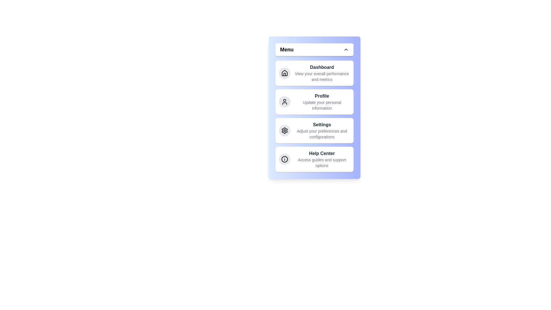  What do you see at coordinates (314, 131) in the screenshot?
I see `the menu item labeled Settings to navigate to its section` at bounding box center [314, 131].